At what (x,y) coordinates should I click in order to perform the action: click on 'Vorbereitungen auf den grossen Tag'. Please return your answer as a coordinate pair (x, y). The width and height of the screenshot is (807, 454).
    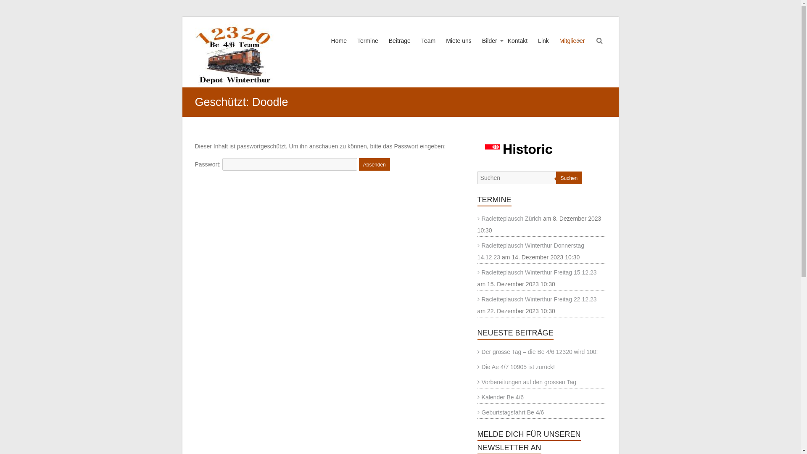
    Looking at the image, I should click on (526, 382).